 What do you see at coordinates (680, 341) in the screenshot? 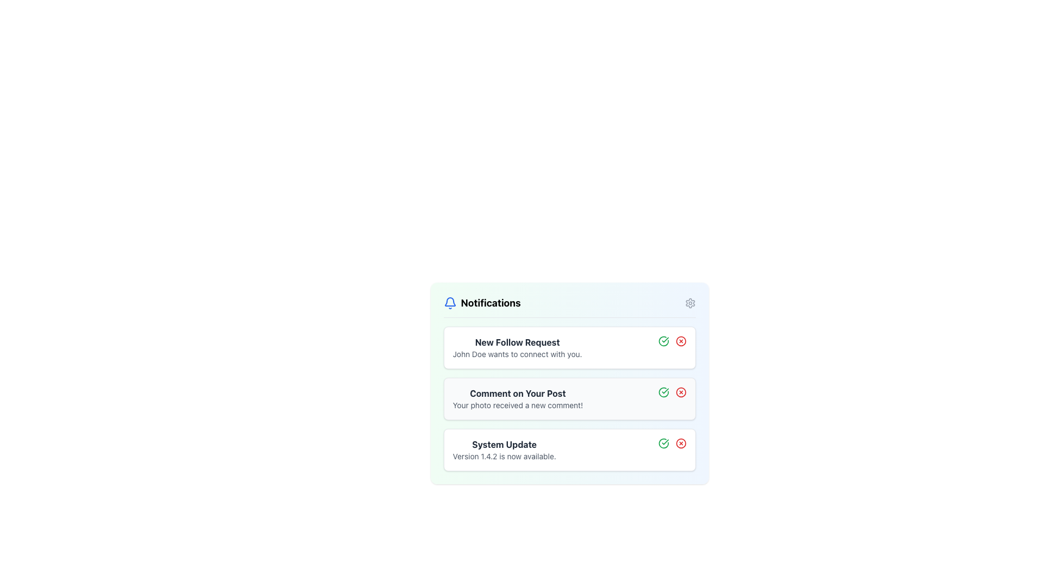
I see `the red 'X' icon, a circular button used for dismissing notifications, located to the far right of the first notification item` at bounding box center [680, 341].